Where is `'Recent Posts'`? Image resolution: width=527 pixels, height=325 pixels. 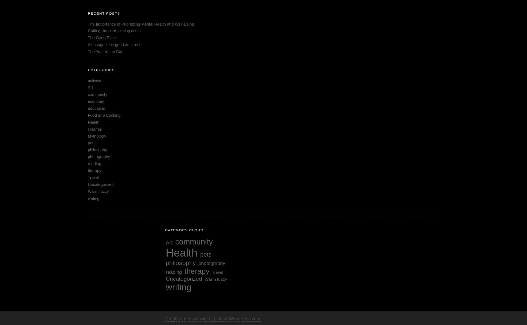 'Recent Posts' is located at coordinates (103, 13).